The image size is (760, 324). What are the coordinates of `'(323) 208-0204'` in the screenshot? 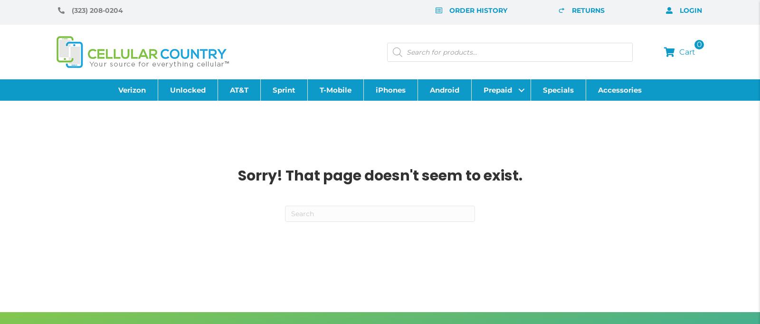 It's located at (97, 10).